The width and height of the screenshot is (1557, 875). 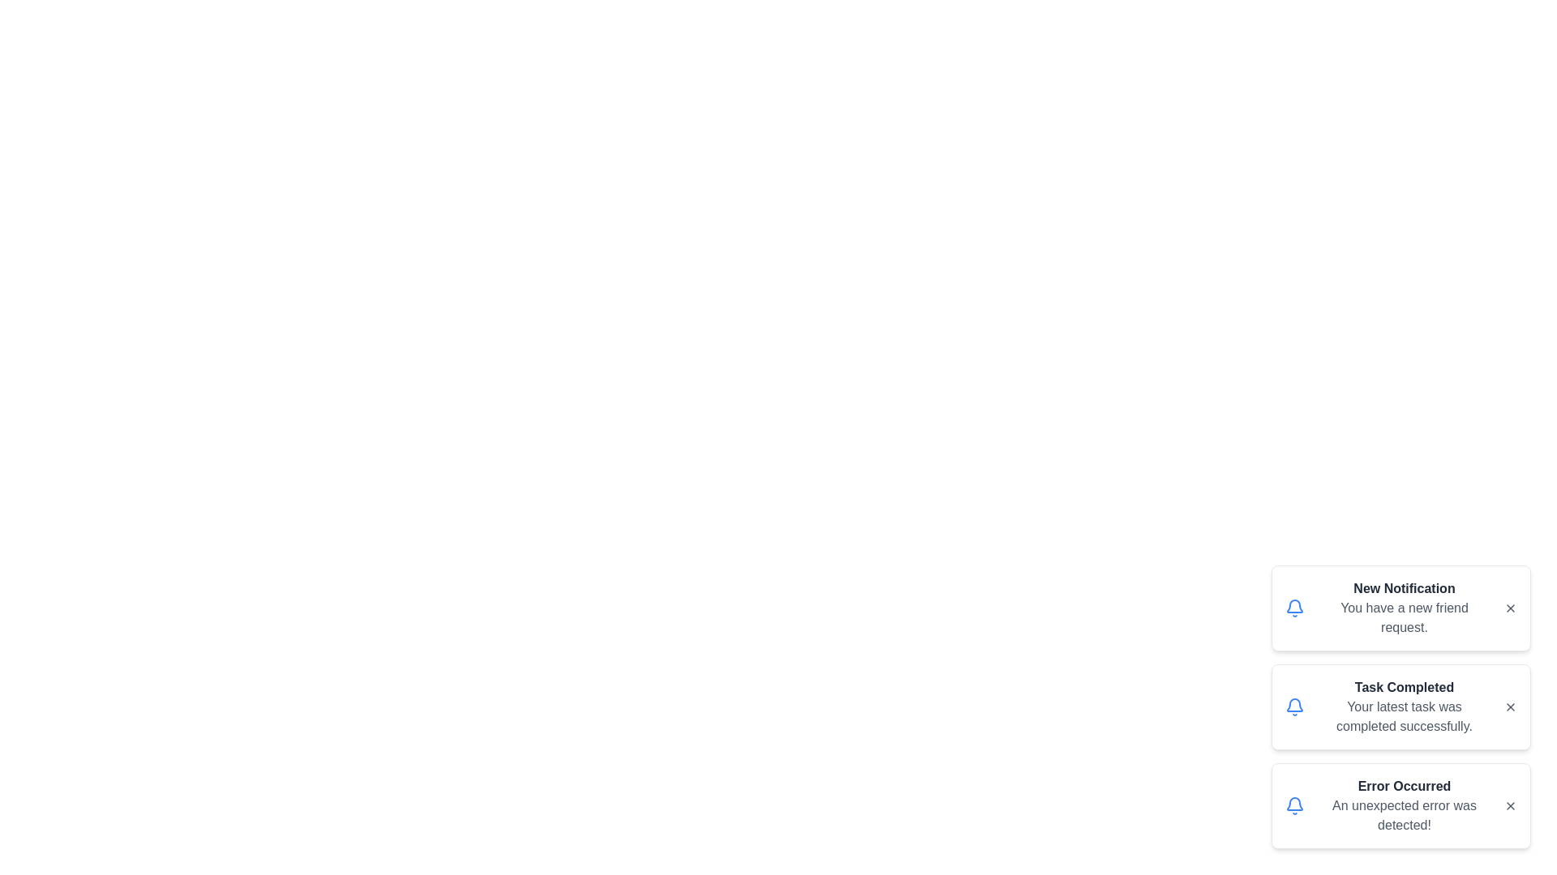 What do you see at coordinates (1509, 706) in the screenshot?
I see `close button of the notification titled 'Task Completed'` at bounding box center [1509, 706].